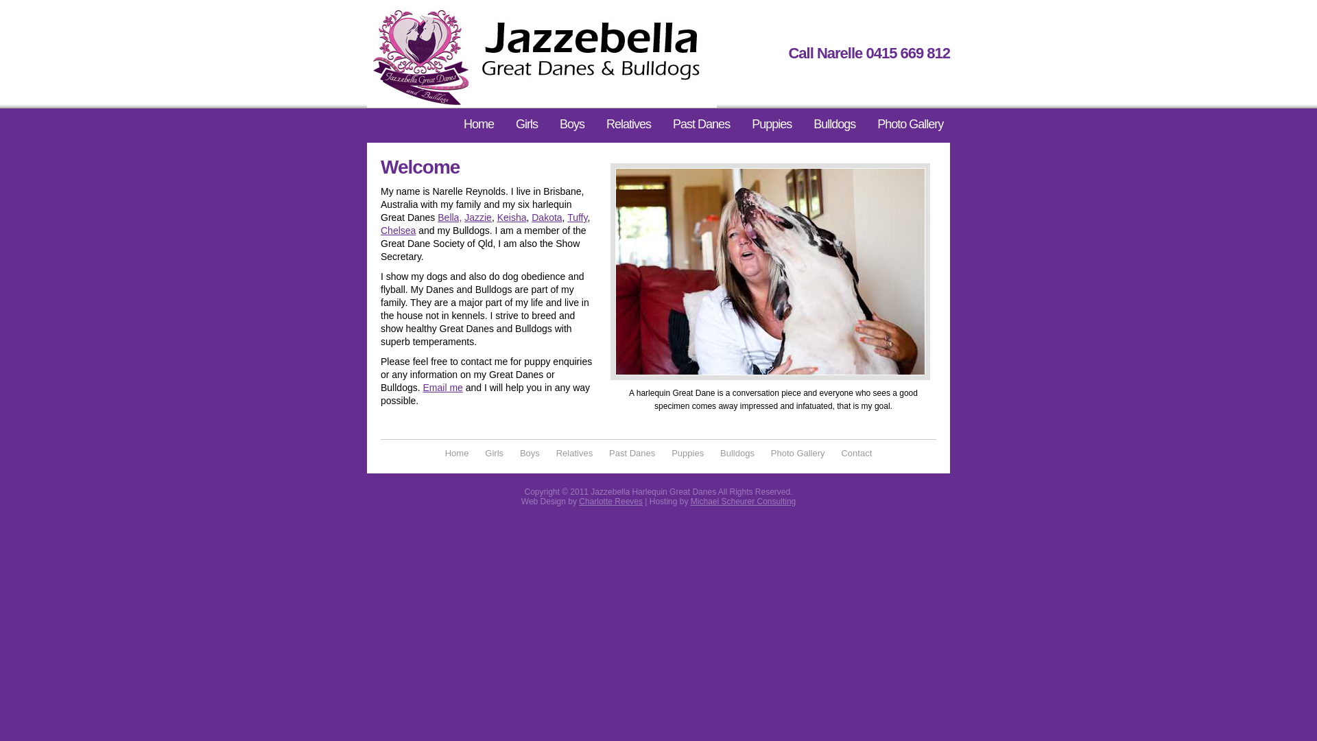 The image size is (1317, 741). I want to click on 'Chelsea', so click(397, 229).